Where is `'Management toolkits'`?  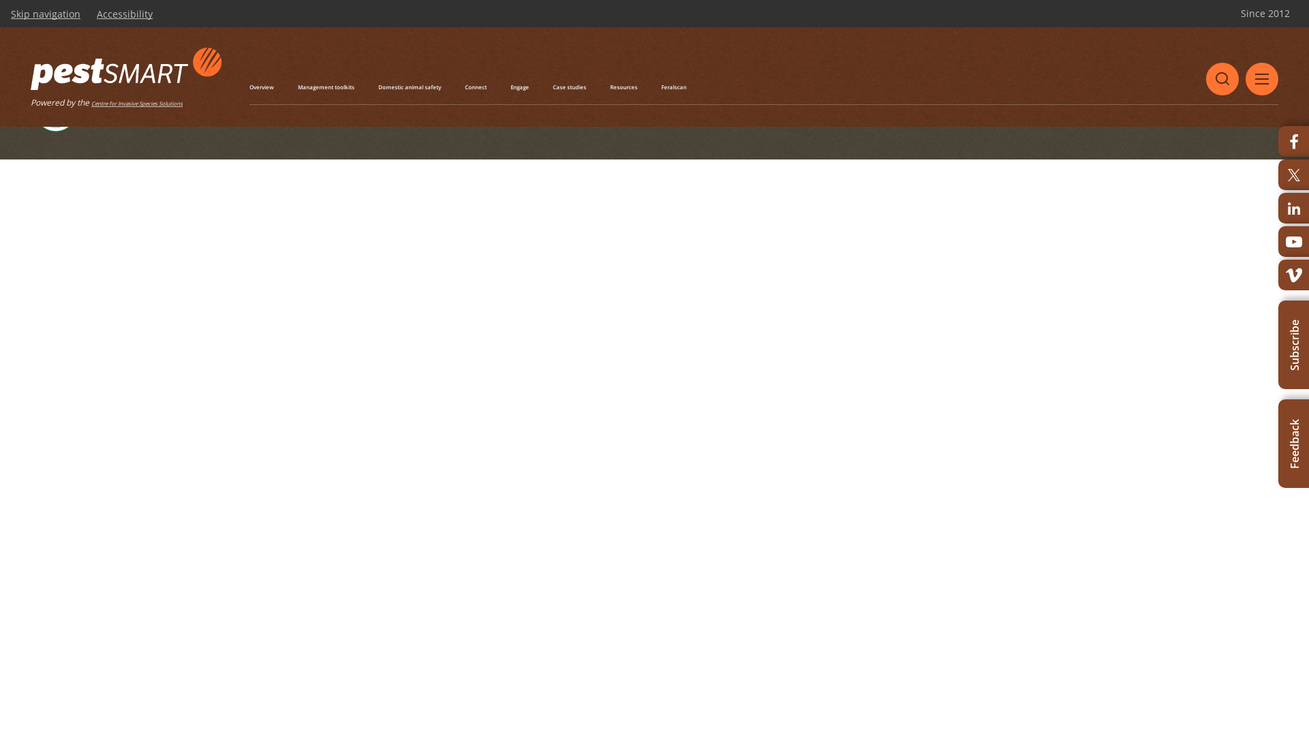
'Management toolkits' is located at coordinates (297, 87).